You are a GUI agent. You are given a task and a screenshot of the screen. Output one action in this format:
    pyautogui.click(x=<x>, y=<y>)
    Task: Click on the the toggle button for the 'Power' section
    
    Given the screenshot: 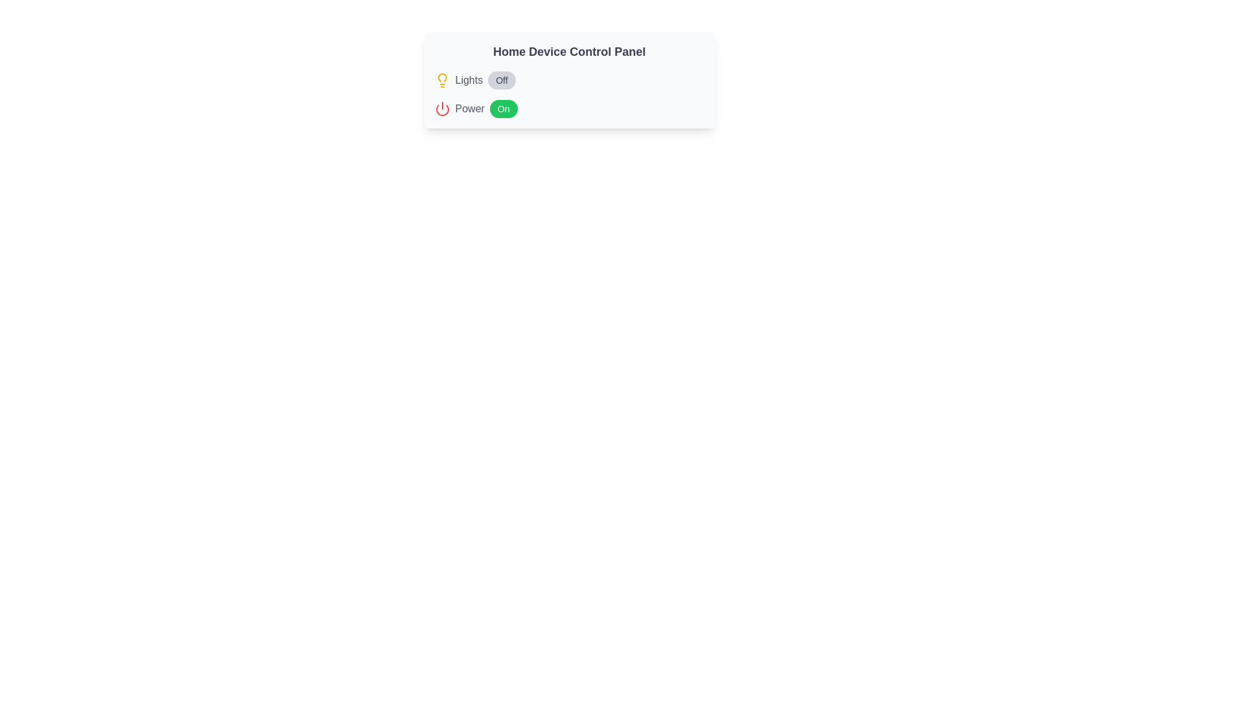 What is the action you would take?
    pyautogui.click(x=503, y=108)
    